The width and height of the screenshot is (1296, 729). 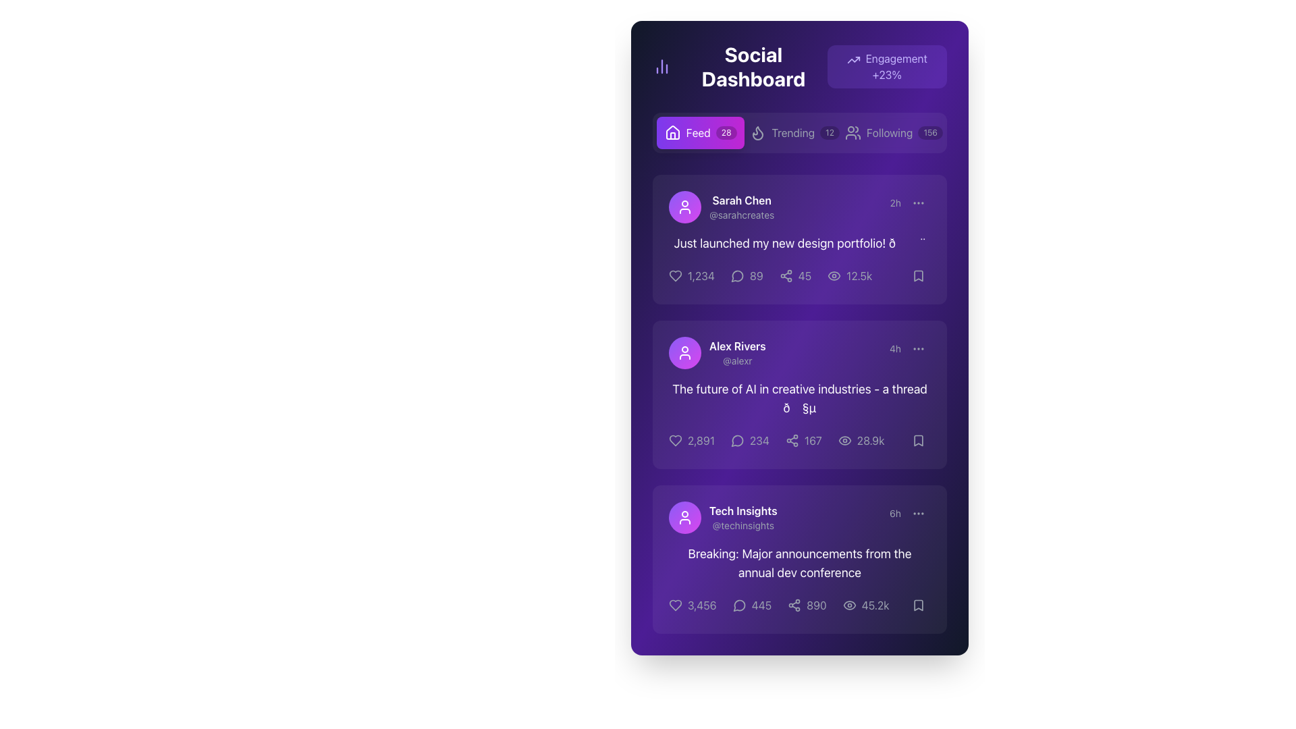 I want to click on the horizontal ellipsis icon (three dots) located in the upper-right corner of Sarah Chen's post, so click(x=918, y=202).